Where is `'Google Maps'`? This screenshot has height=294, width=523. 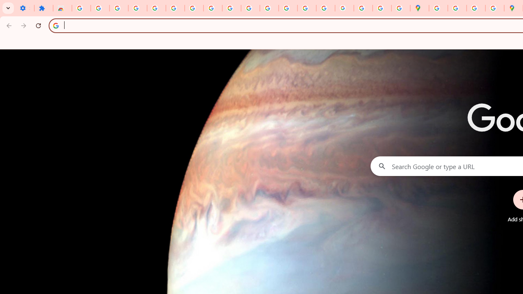 'Google Maps' is located at coordinates (419, 8).